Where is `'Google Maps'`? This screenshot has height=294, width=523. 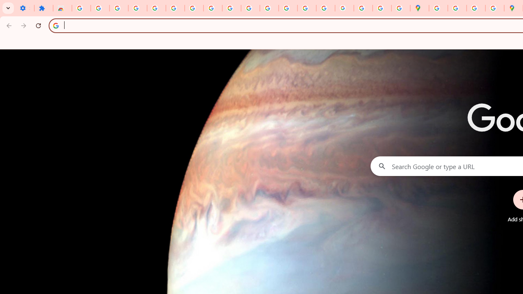 'Google Maps' is located at coordinates (419, 8).